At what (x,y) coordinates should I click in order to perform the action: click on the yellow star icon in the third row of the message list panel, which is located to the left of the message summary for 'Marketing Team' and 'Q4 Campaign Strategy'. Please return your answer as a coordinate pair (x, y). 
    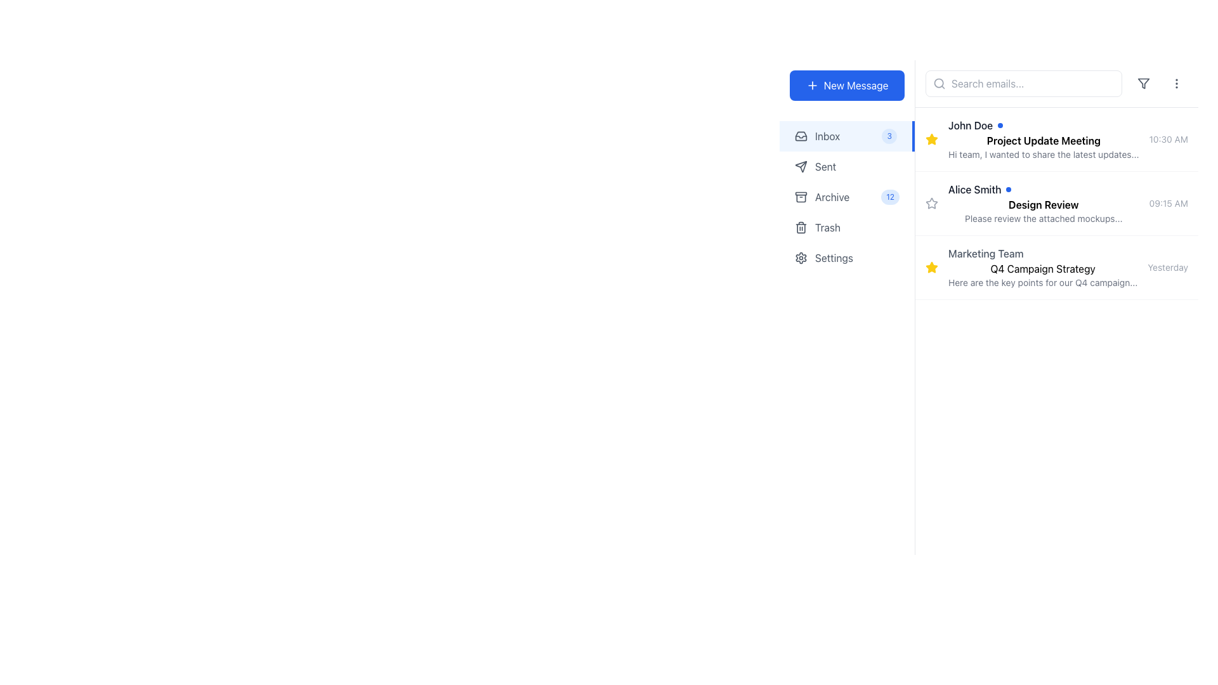
    Looking at the image, I should click on (931, 266).